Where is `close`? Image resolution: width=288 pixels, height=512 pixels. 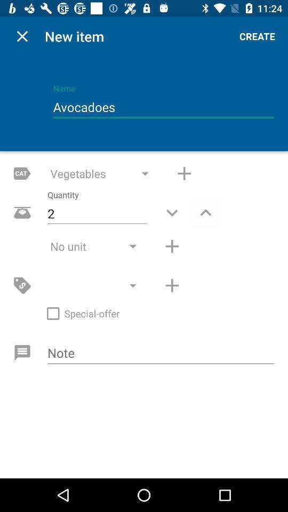
close is located at coordinates (22, 36).